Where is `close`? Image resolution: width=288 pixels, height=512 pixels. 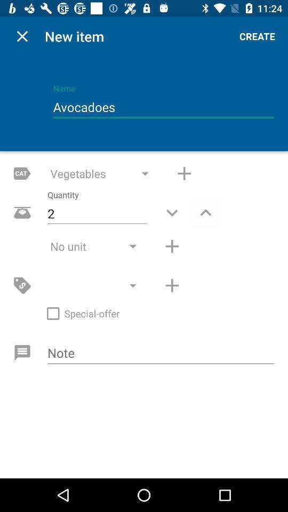
close is located at coordinates (22, 36).